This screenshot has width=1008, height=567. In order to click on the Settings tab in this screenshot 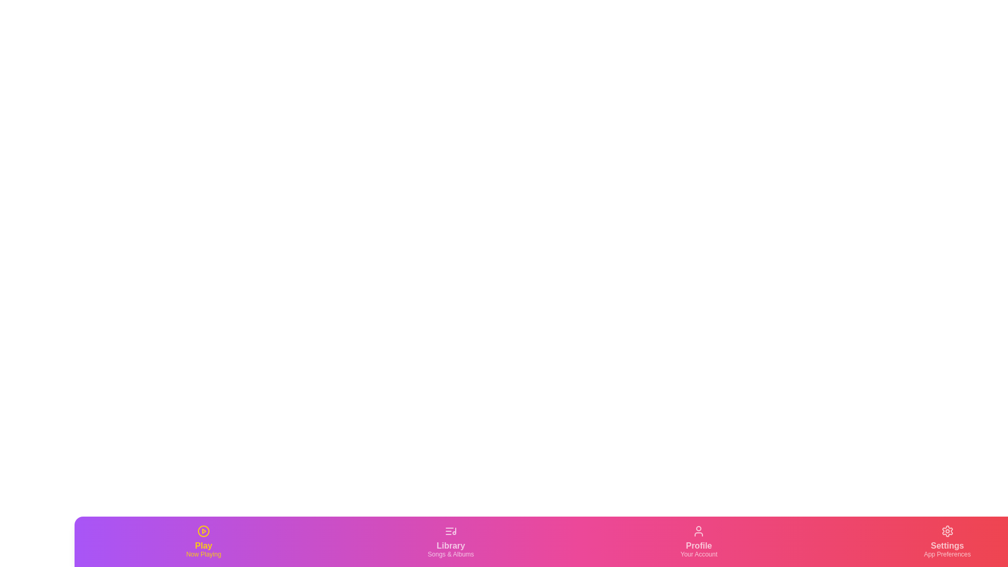, I will do `click(947, 542)`.